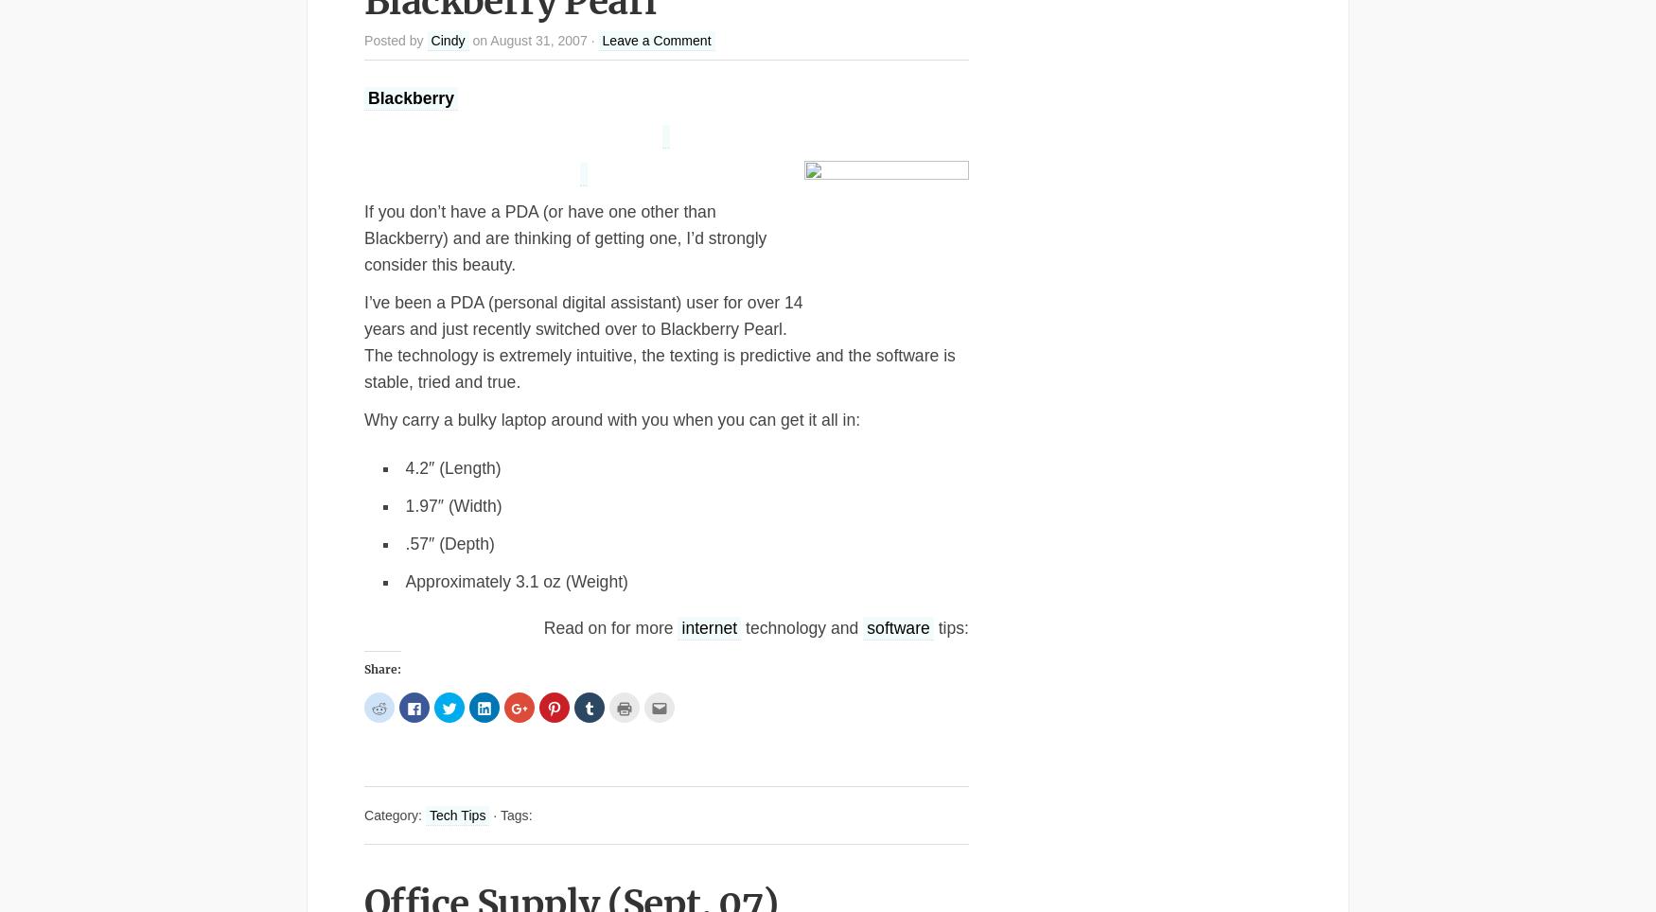 This screenshot has height=912, width=1656. I want to click on '(Width)', so click(473, 506).